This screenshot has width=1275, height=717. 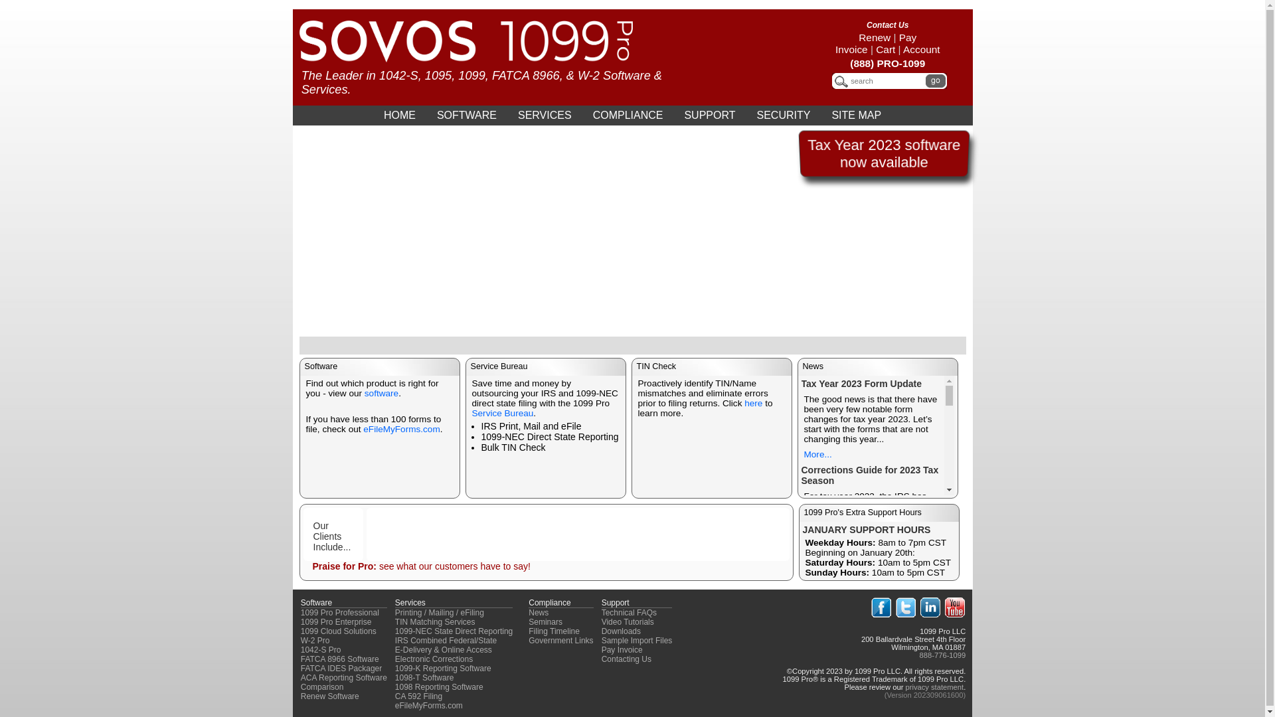 What do you see at coordinates (816, 453) in the screenshot?
I see `'More...'` at bounding box center [816, 453].